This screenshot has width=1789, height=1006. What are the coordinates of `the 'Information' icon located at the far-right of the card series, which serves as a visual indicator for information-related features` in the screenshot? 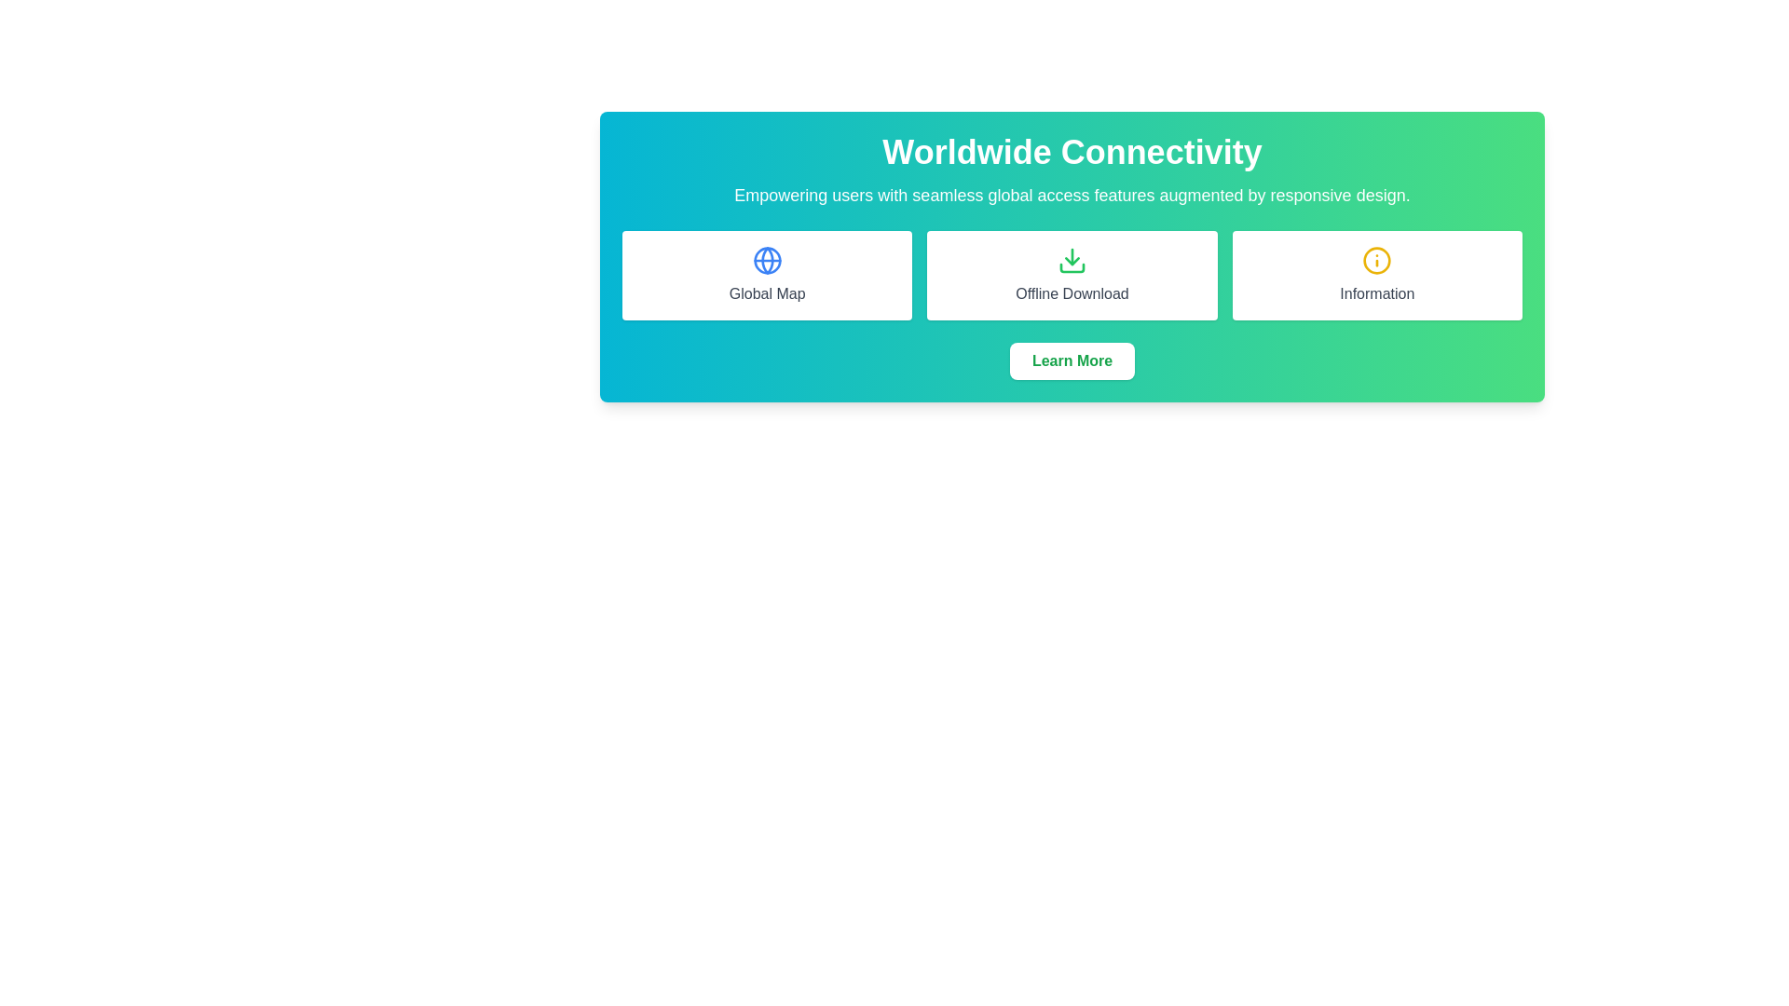 It's located at (1377, 261).